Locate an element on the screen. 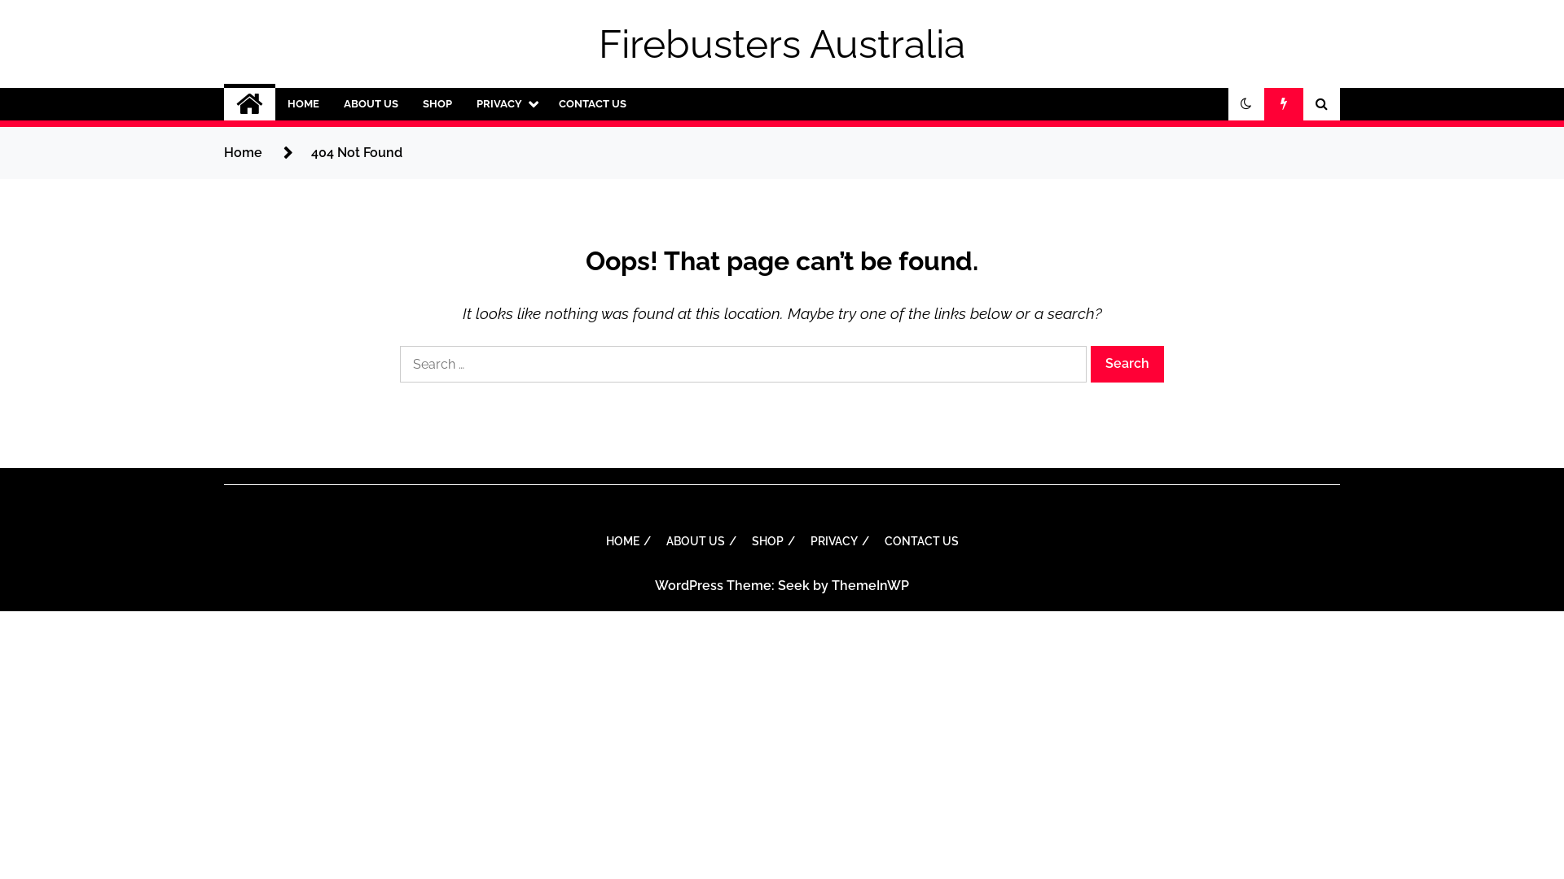  'SHOP' is located at coordinates (769, 540).